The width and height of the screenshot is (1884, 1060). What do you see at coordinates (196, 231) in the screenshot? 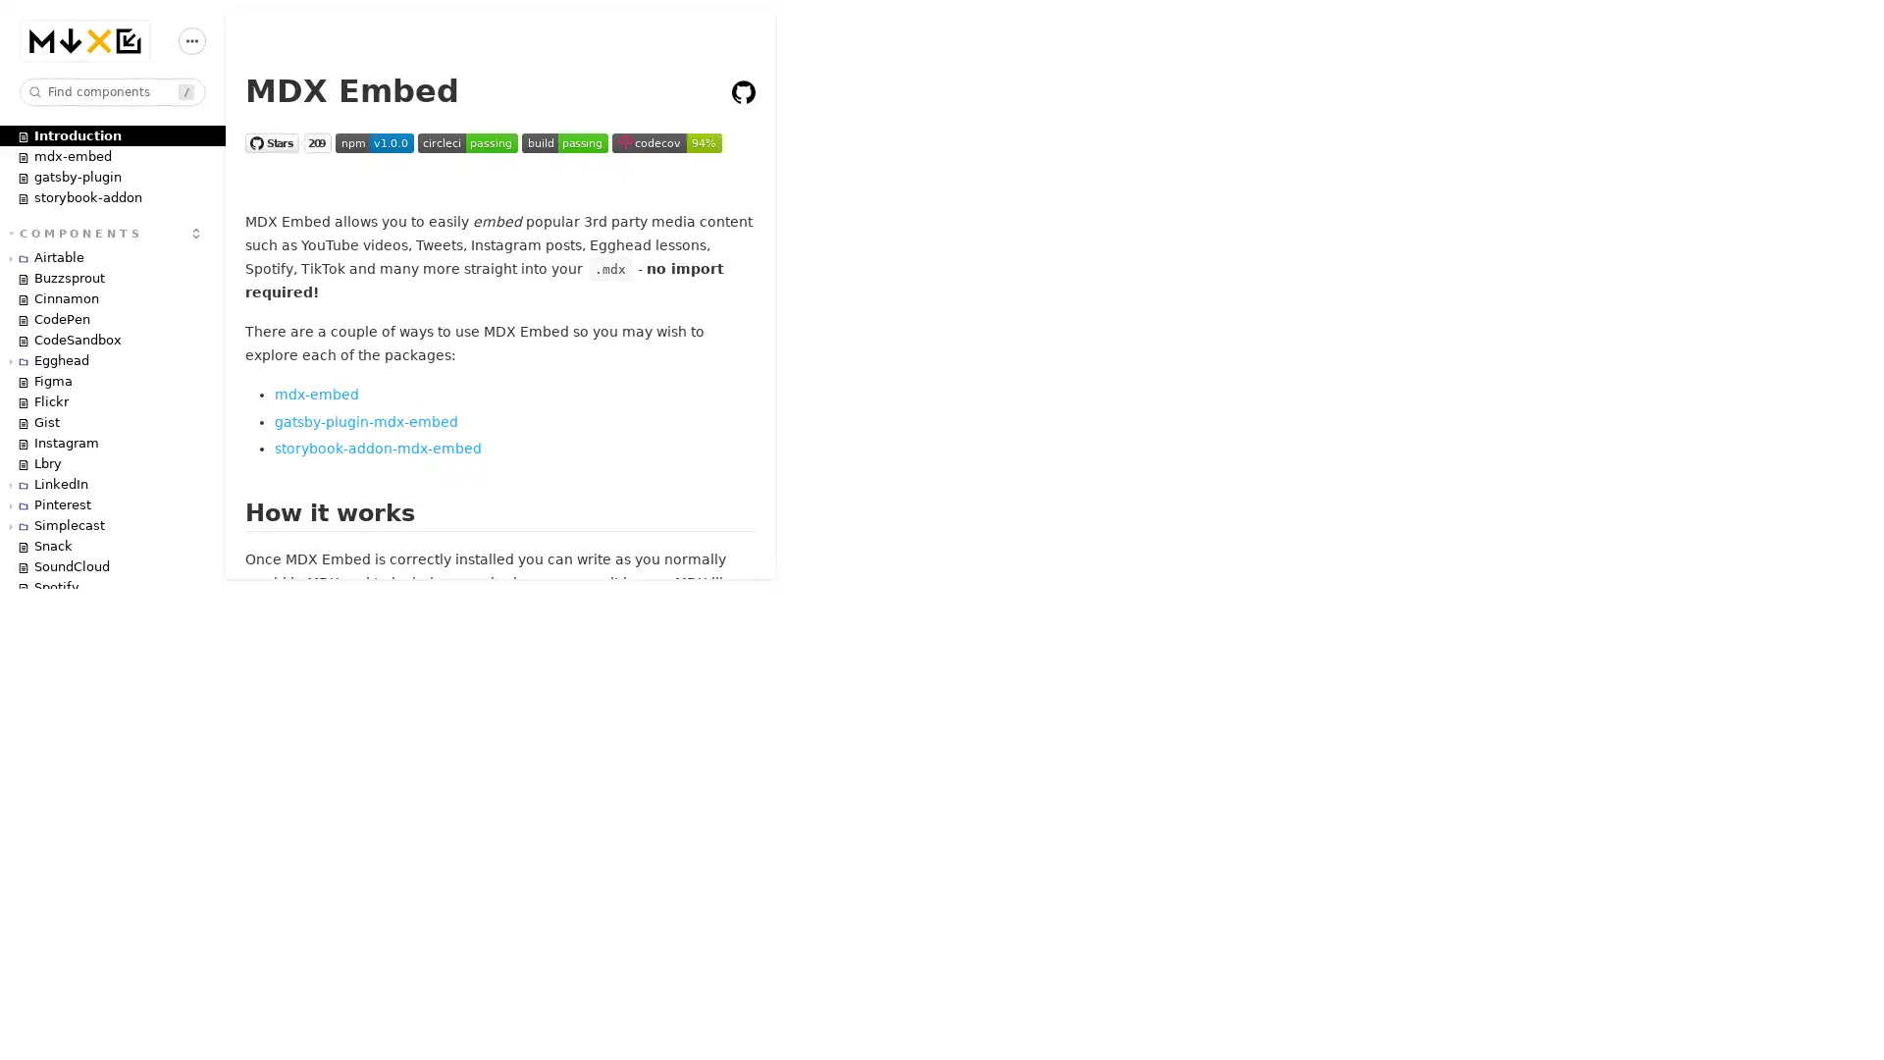
I see `expand` at bounding box center [196, 231].